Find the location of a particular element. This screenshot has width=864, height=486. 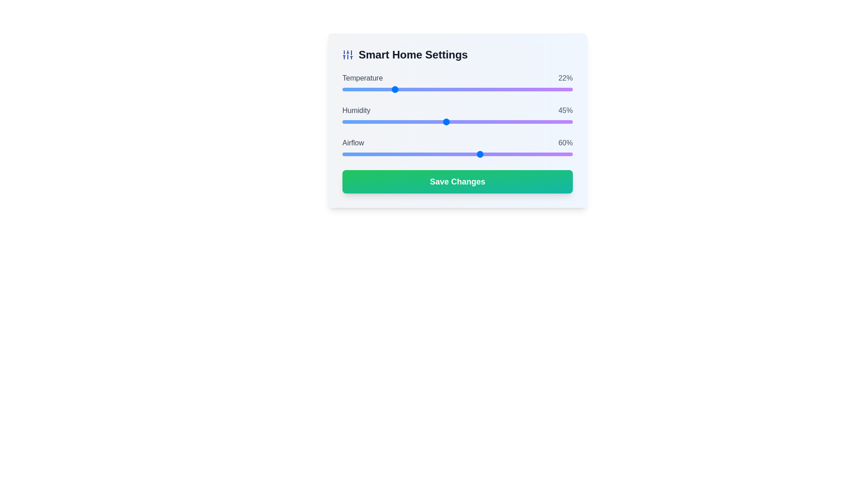

temperature slider is located at coordinates (554, 90).